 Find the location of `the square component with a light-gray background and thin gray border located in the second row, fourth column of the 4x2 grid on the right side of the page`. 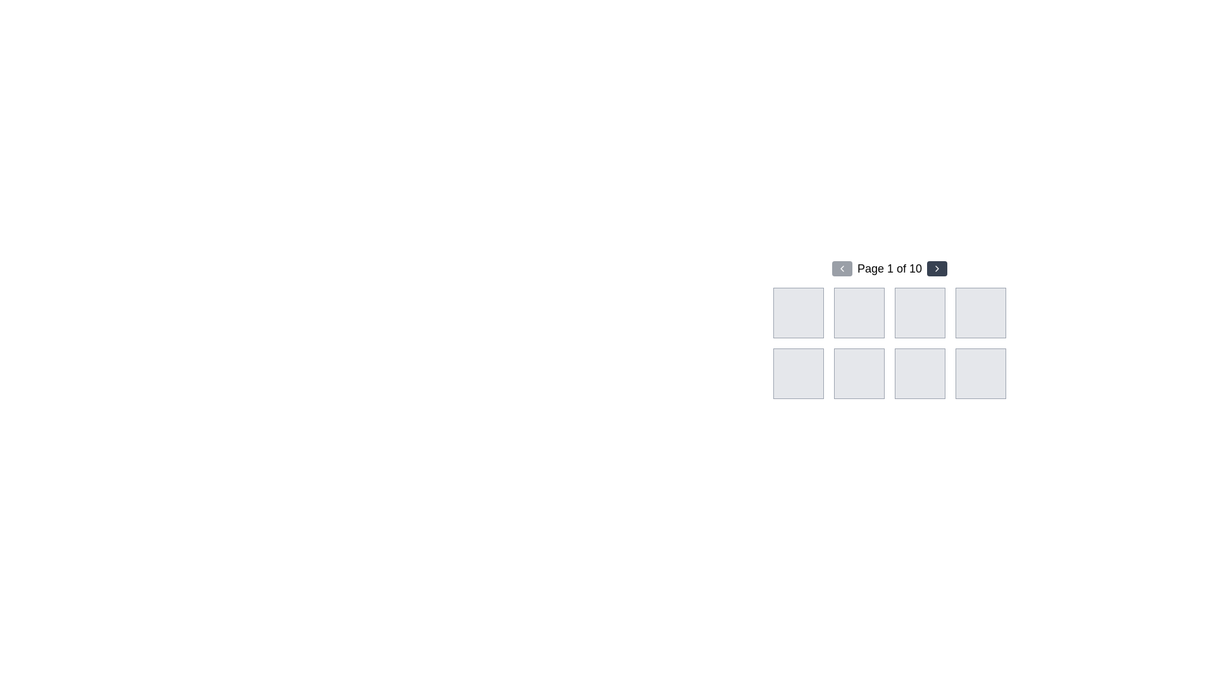

the square component with a light-gray background and thin gray border located in the second row, fourth column of the 4x2 grid on the right side of the page is located at coordinates (980, 372).